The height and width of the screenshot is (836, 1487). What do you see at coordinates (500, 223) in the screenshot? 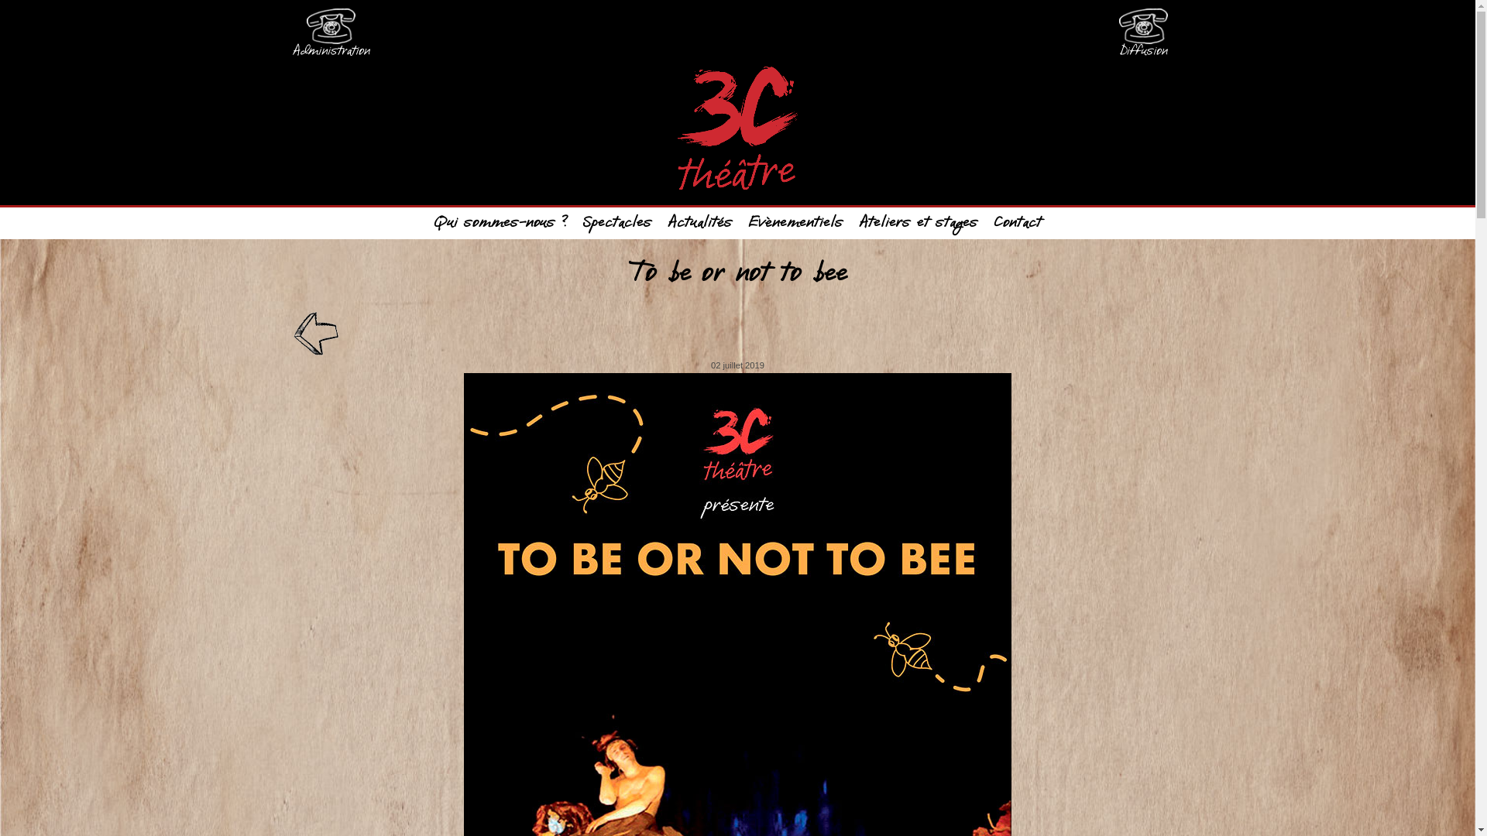
I see `'Qui sommes-nous ?'` at bounding box center [500, 223].